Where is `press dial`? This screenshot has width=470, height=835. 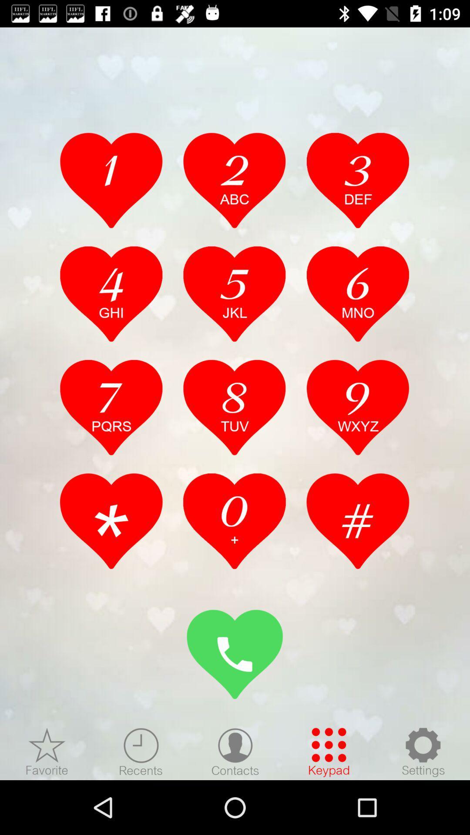
press dial is located at coordinates (235, 654).